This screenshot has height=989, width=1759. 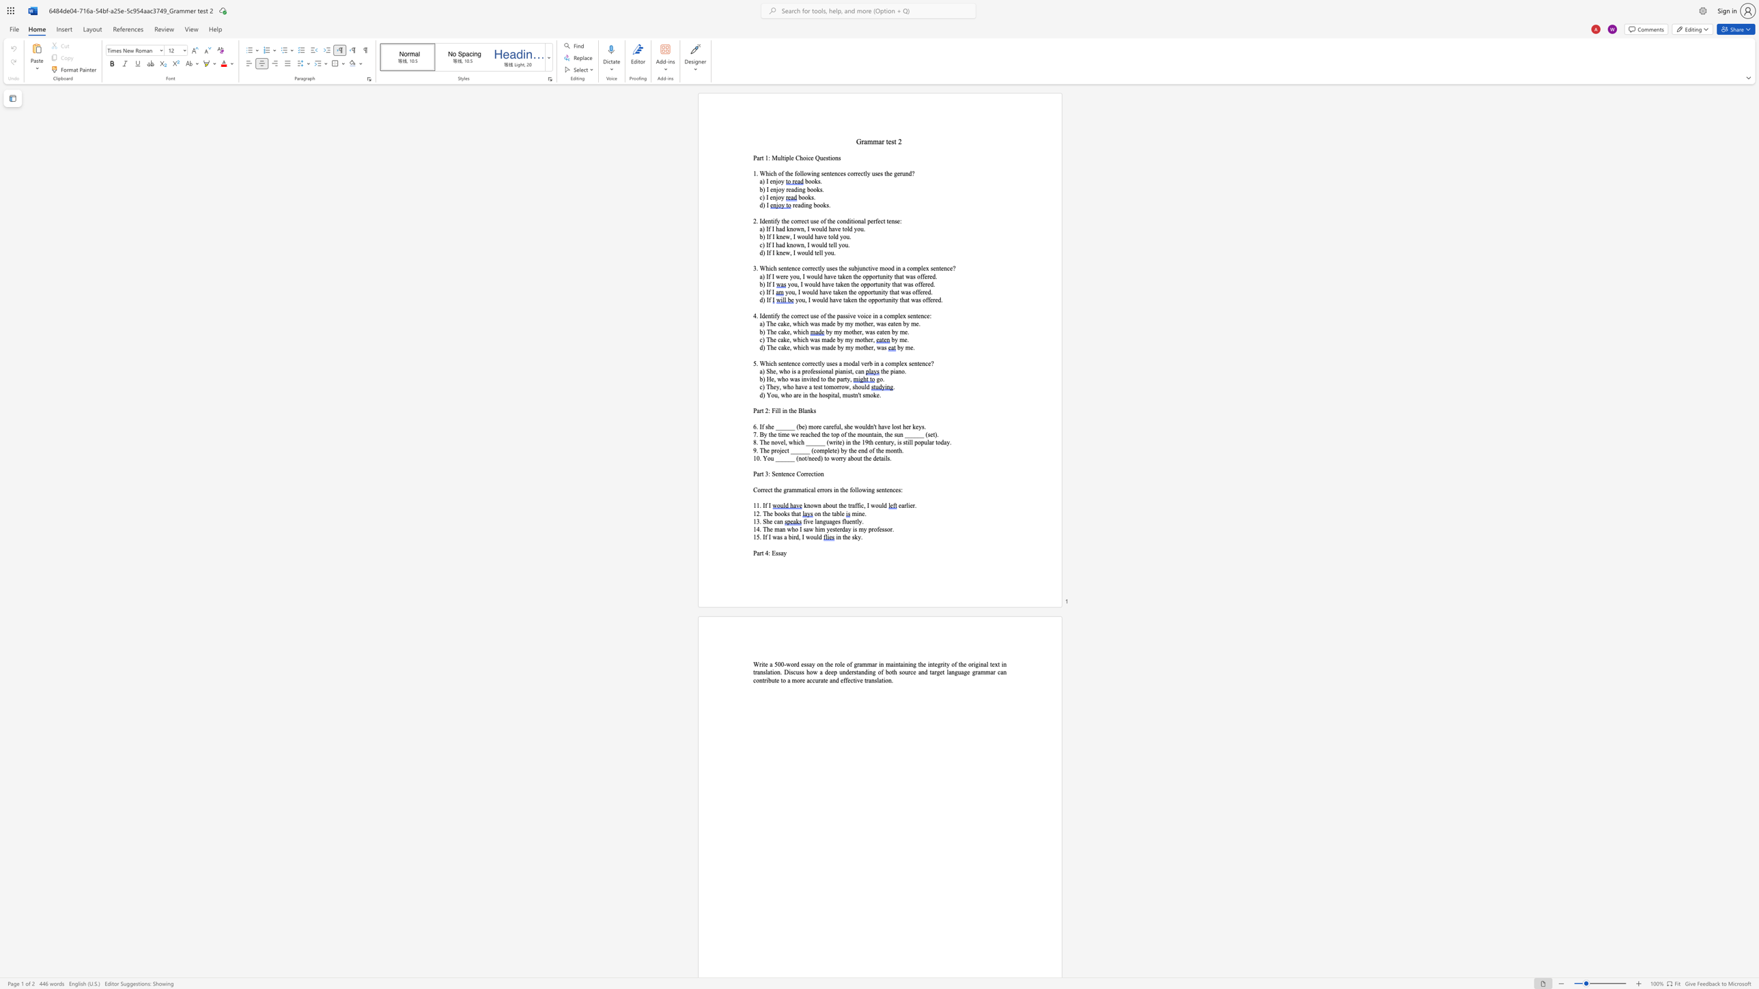 What do you see at coordinates (774, 553) in the screenshot?
I see `the subset text "ssay" within the text "Part 4: Essay"` at bounding box center [774, 553].